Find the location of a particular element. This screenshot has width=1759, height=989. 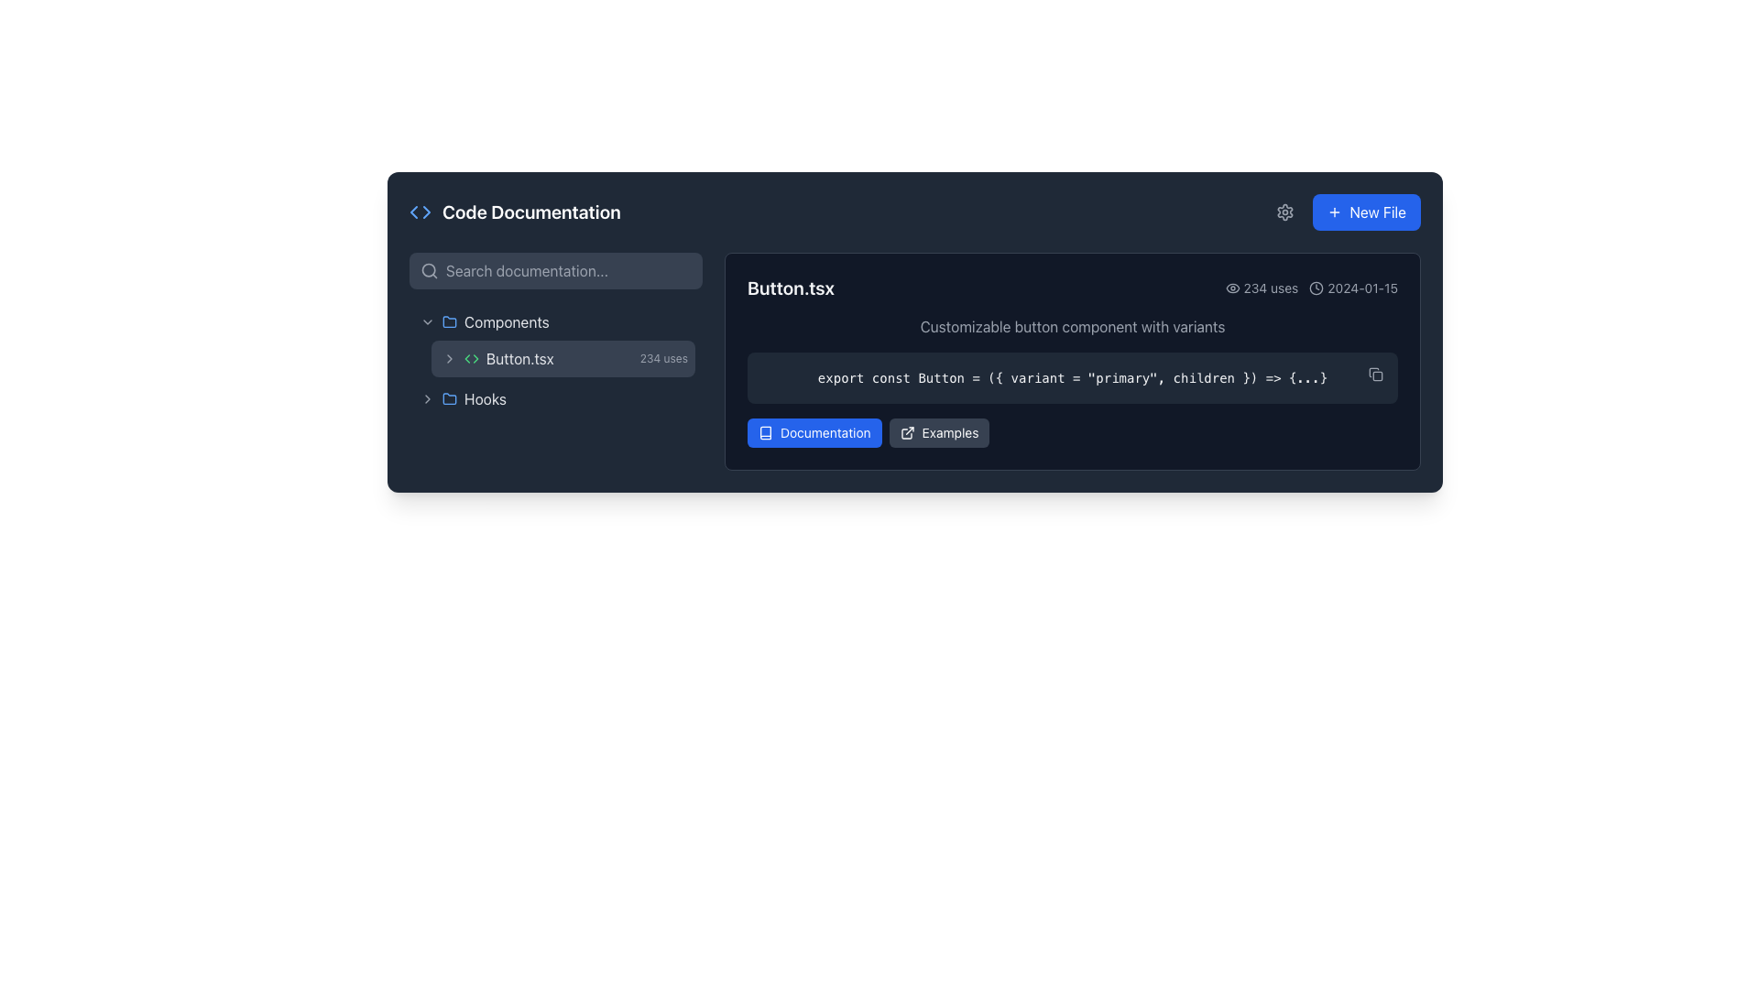

the blue rectangular button labeled 'Documentation' with a white open book icon is located at coordinates (814, 433).